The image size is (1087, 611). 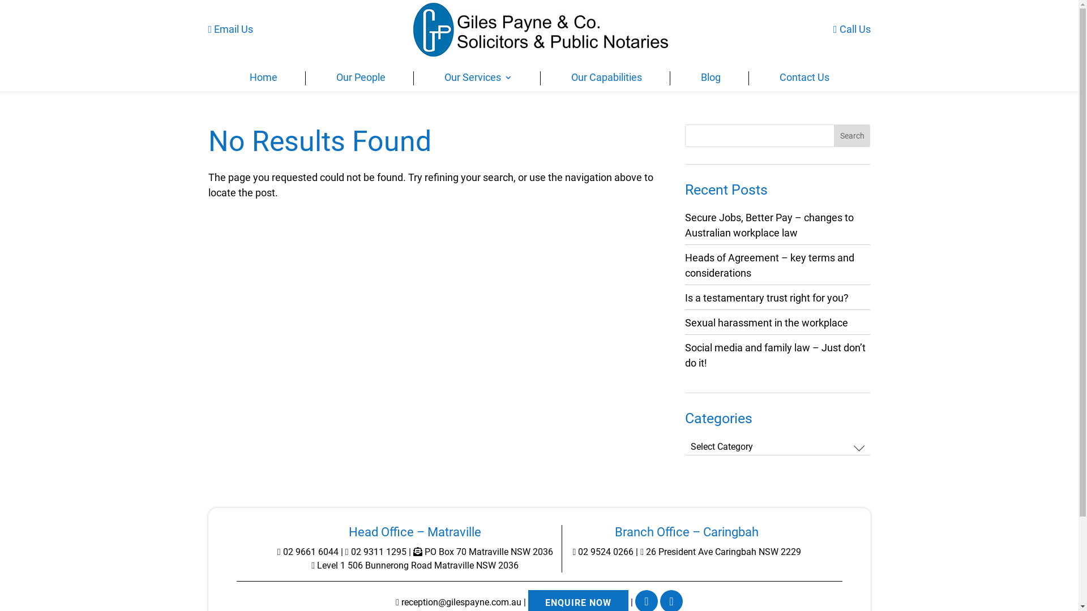 I want to click on 'Search', so click(x=852, y=135).